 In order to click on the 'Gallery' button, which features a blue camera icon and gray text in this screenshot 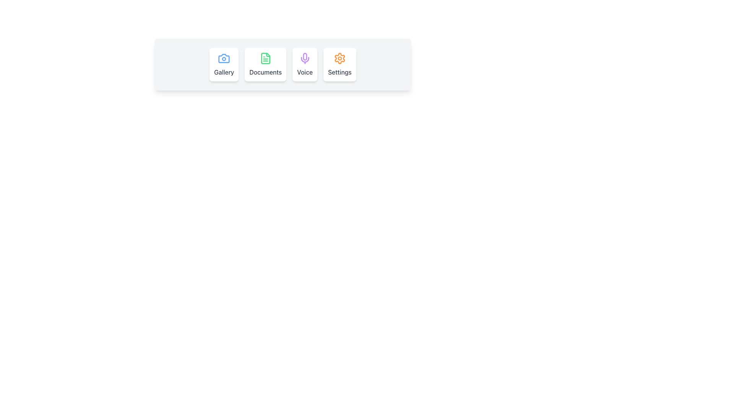, I will do `click(224, 64)`.